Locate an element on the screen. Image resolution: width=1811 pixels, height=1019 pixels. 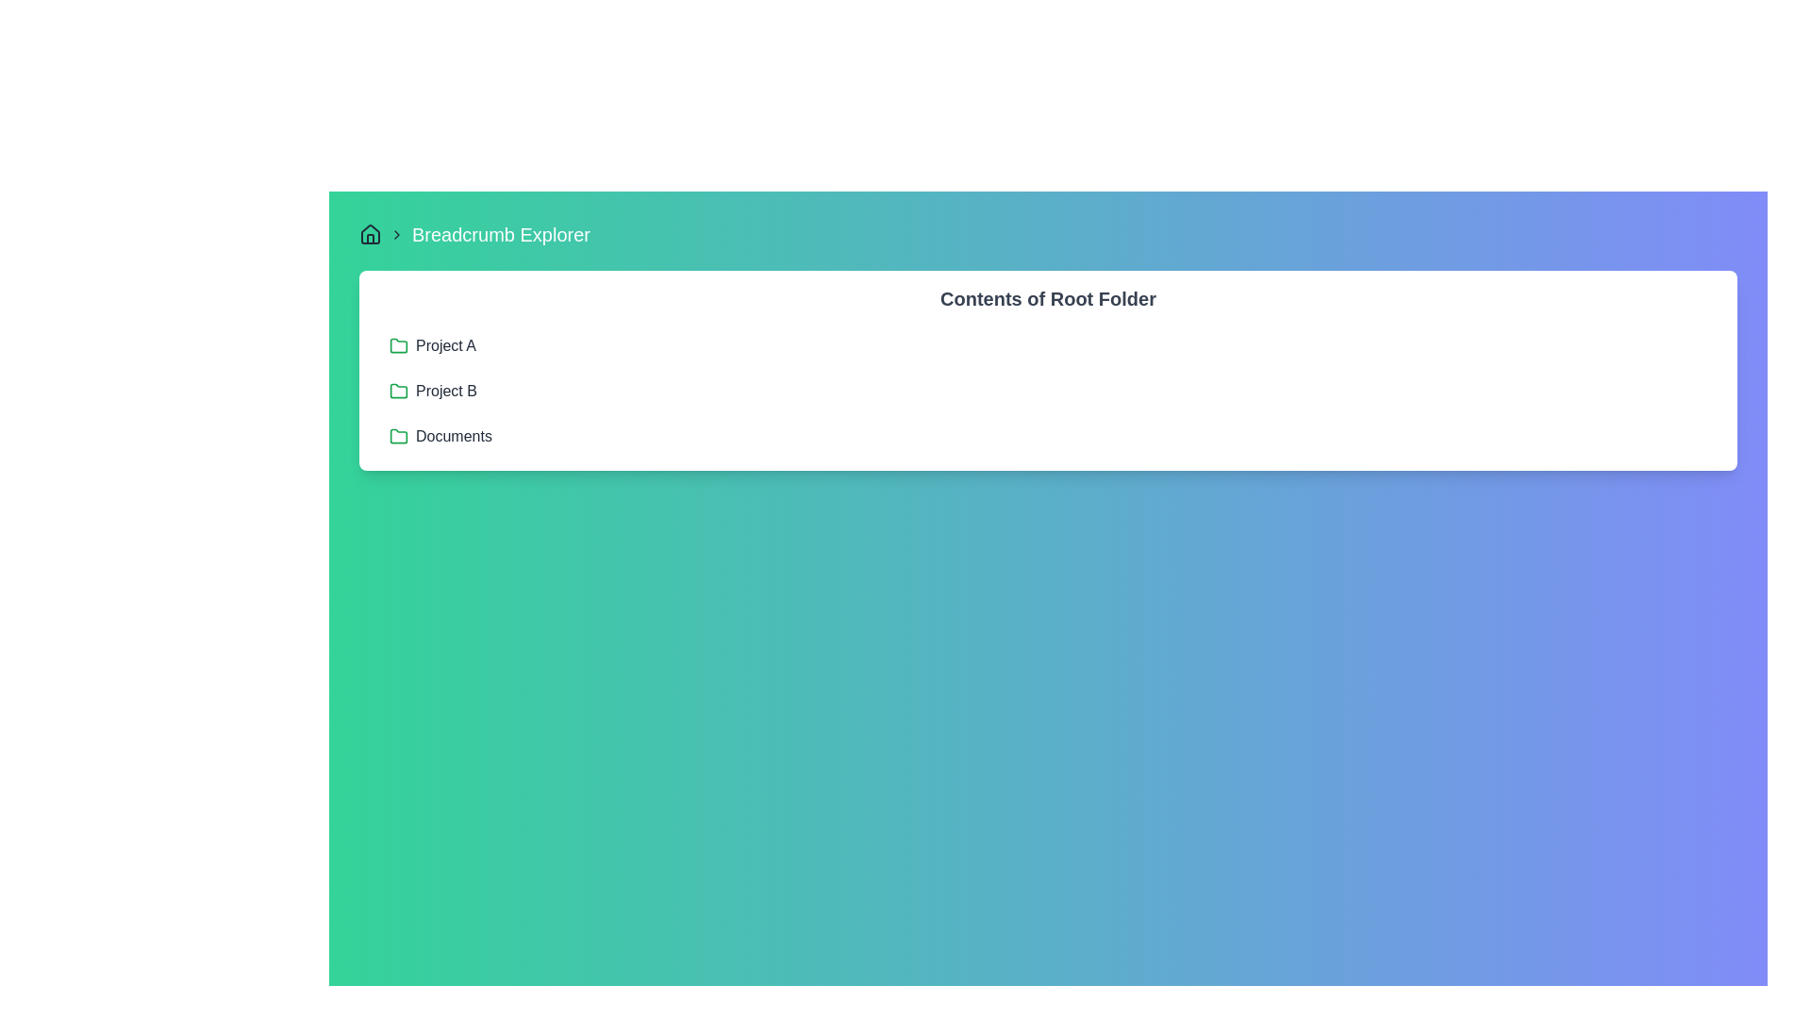
the small rightward-pointing chevron icon in the breadcrumb navigation, which is styled in dark gray and positioned between the home icon and the text 'Breadcrumb Explorer' is located at coordinates (396, 234).